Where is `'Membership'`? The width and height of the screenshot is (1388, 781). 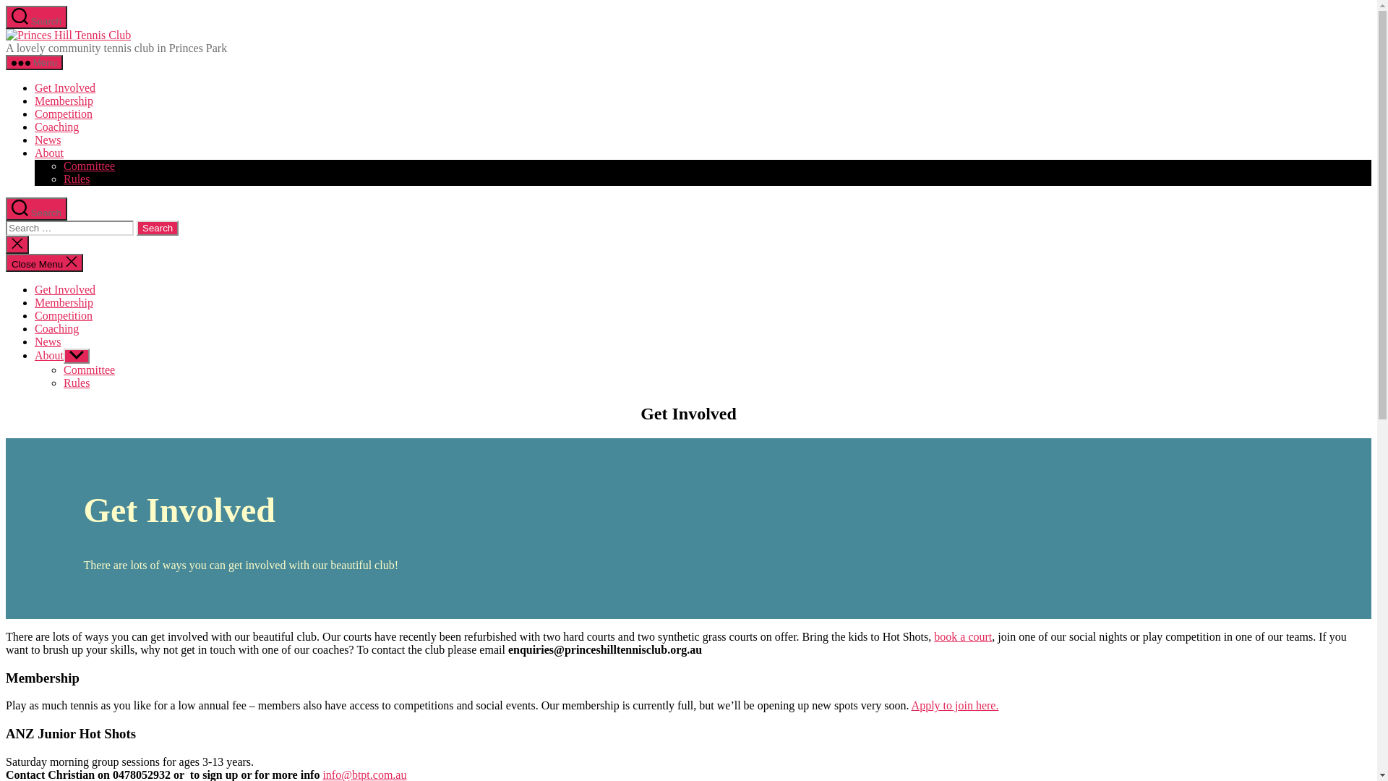
'Membership' is located at coordinates (63, 100).